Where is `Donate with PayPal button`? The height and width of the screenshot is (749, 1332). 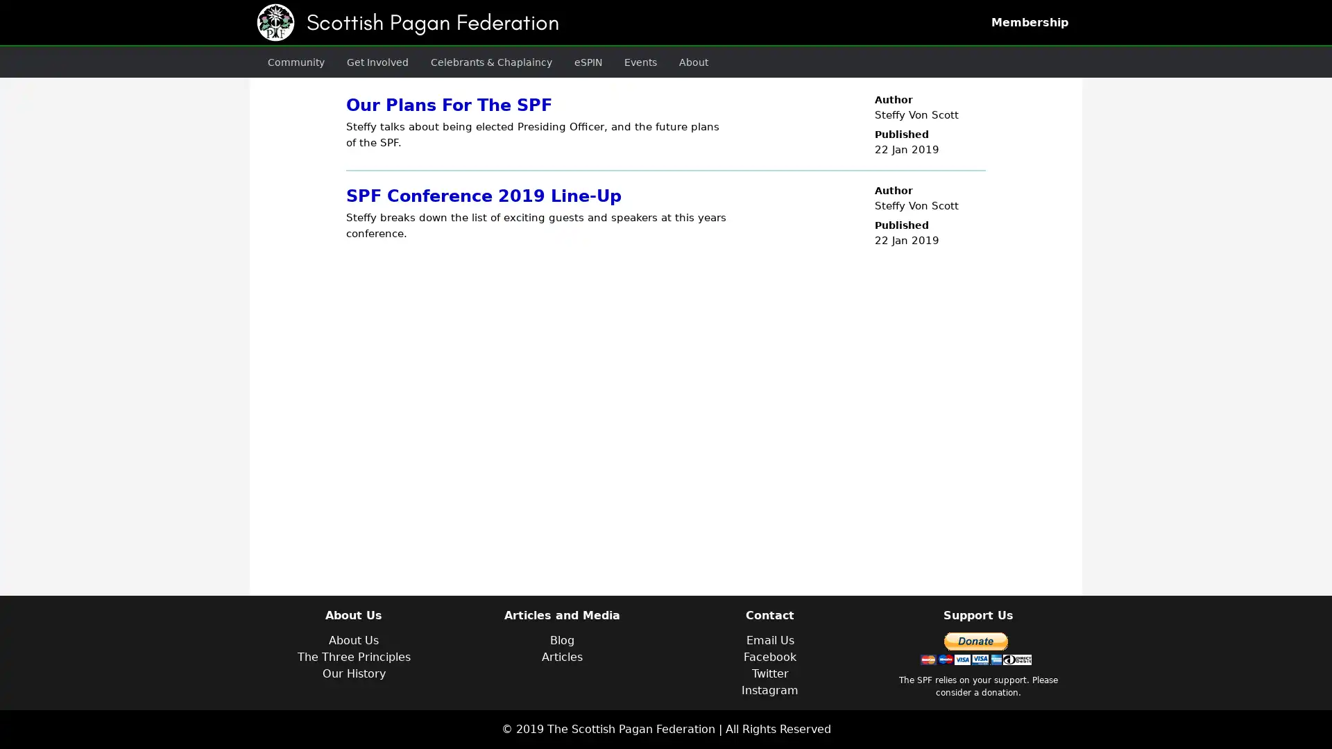 Donate with PayPal button is located at coordinates (975, 648).